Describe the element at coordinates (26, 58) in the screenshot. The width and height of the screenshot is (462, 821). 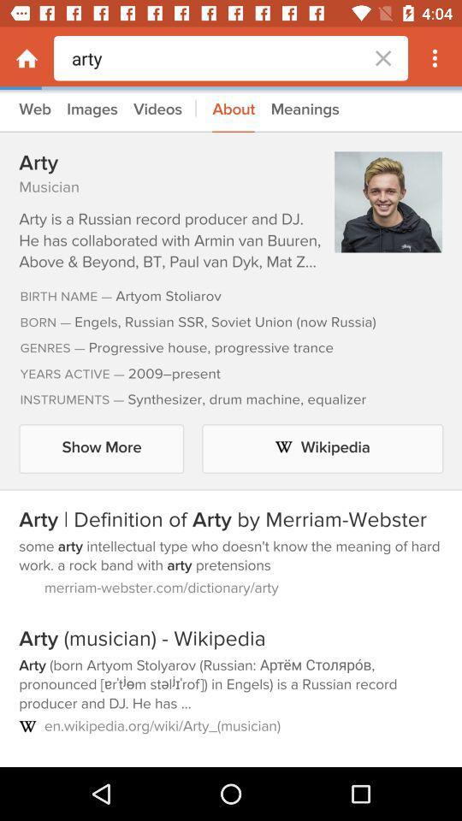
I see `home page` at that location.